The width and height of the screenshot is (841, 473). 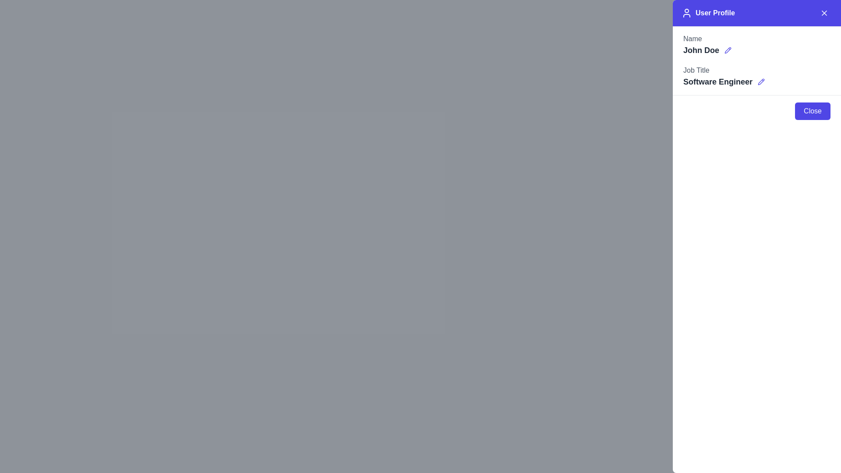 I want to click on the pencil icon next to 'John Doe', so click(x=728, y=50).